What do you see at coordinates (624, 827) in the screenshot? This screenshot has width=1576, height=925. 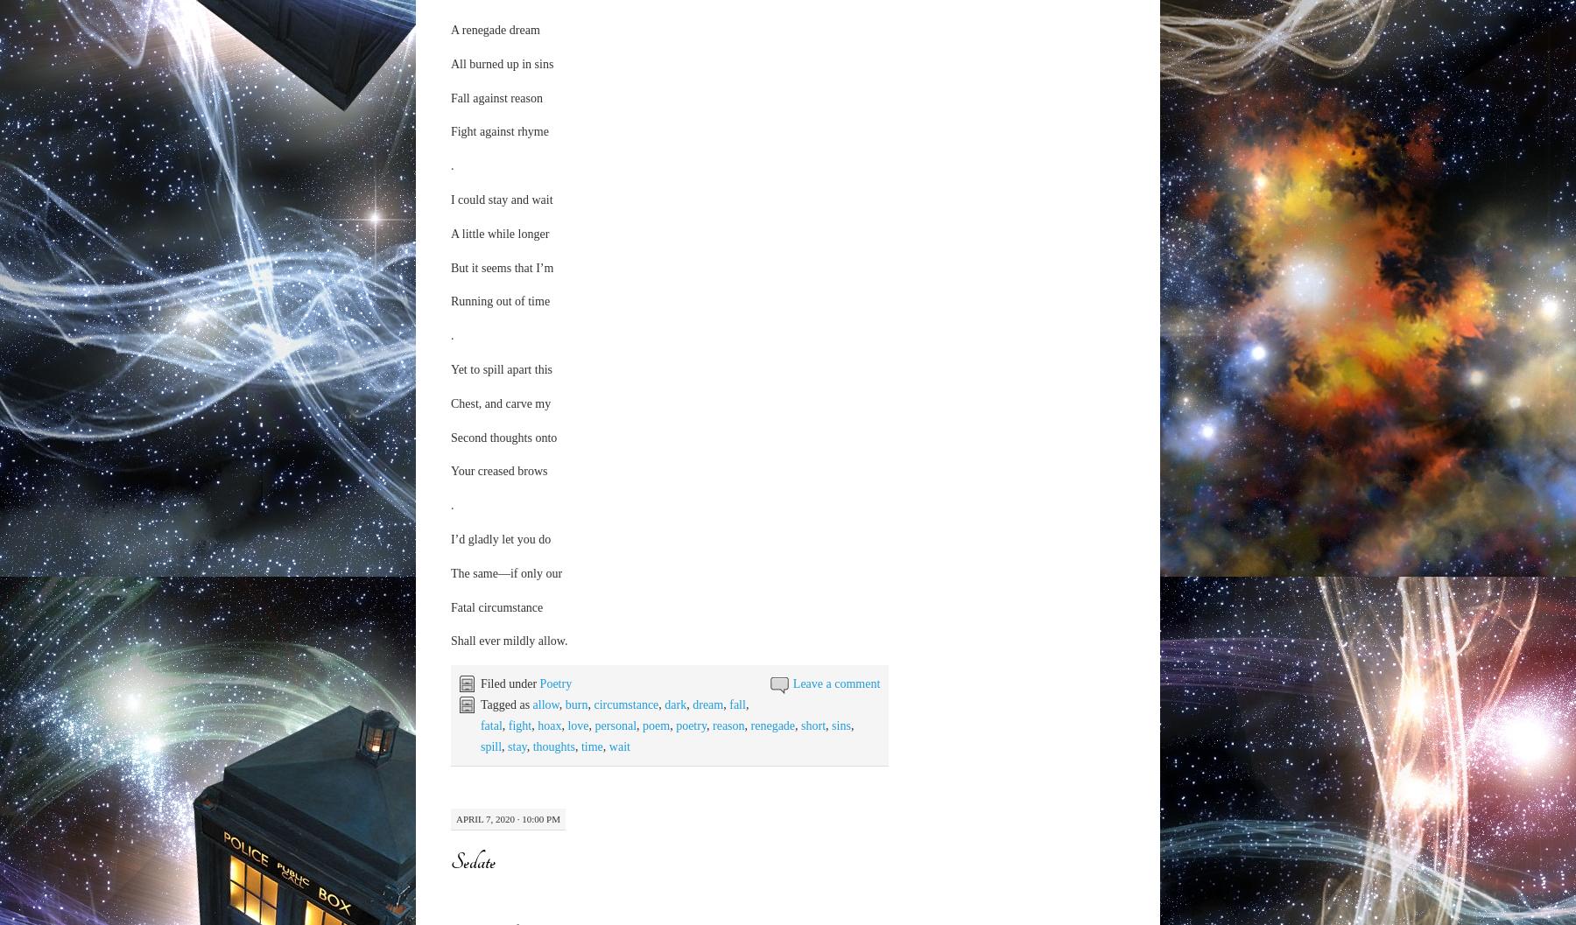 I see `'sweet'` at bounding box center [624, 827].